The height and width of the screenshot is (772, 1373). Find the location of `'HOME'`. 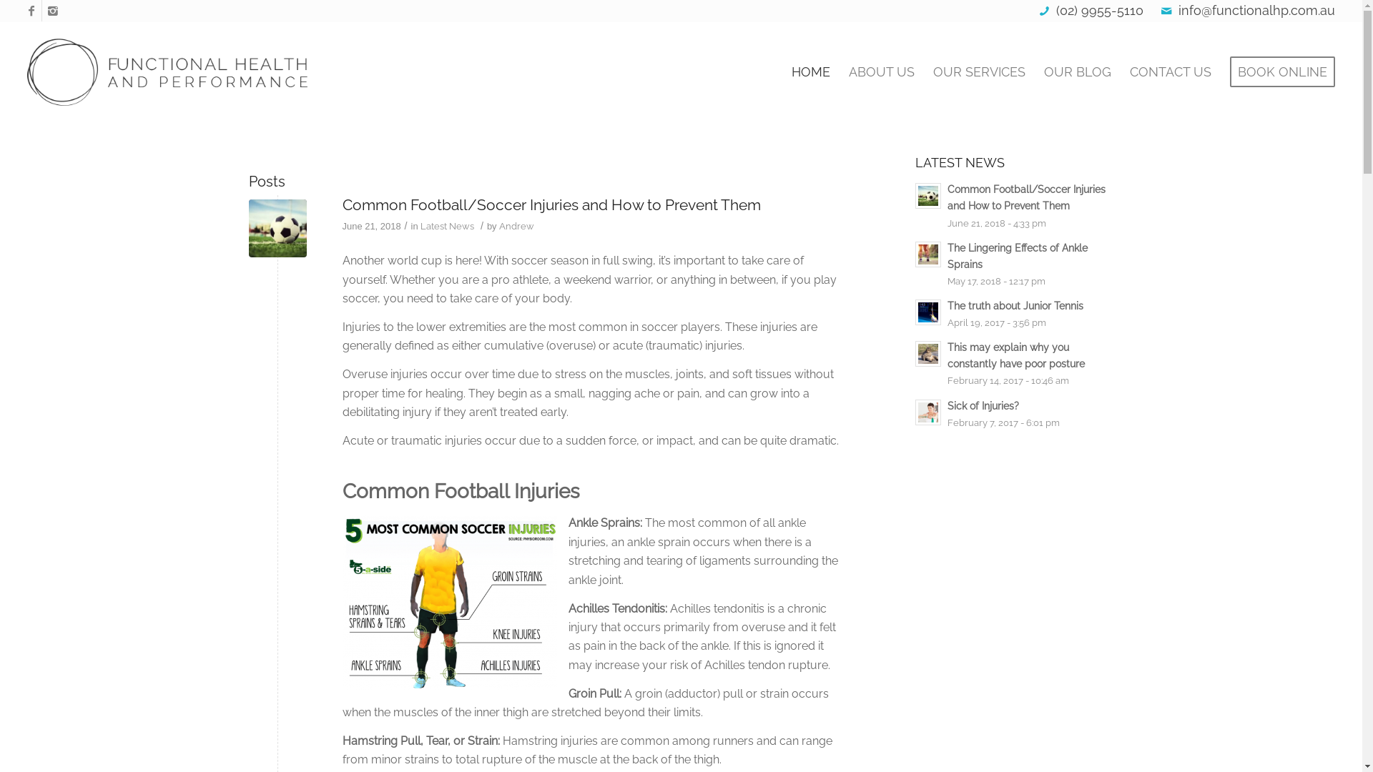

'HOME' is located at coordinates (810, 71).